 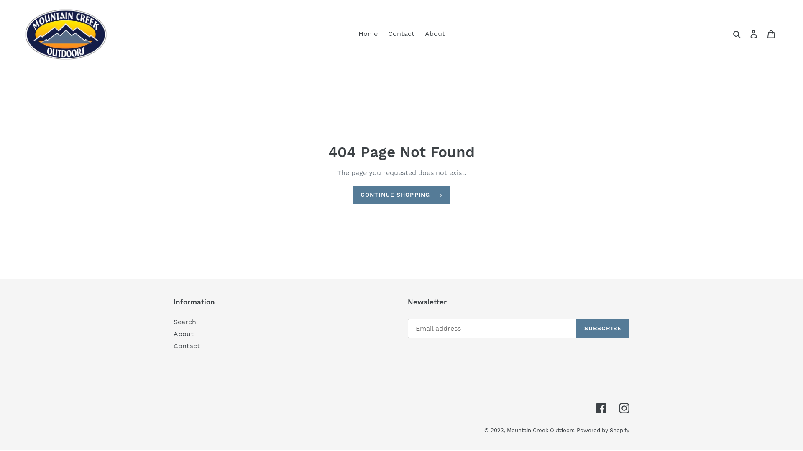 What do you see at coordinates (353, 195) in the screenshot?
I see `'CONTINUE SHOPPING'` at bounding box center [353, 195].